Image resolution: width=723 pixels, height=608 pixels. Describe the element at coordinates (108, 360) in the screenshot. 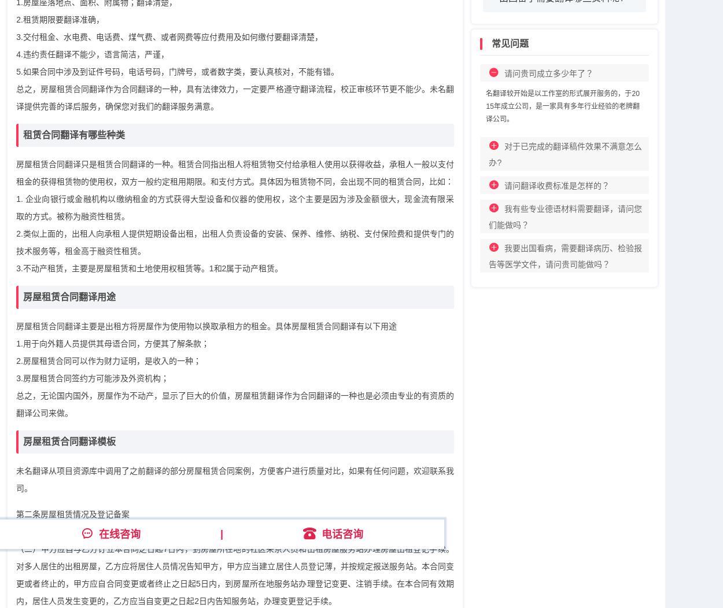

I see `'2.房屋租赁合同可以作为财力证明，是收入的一种；'` at that location.